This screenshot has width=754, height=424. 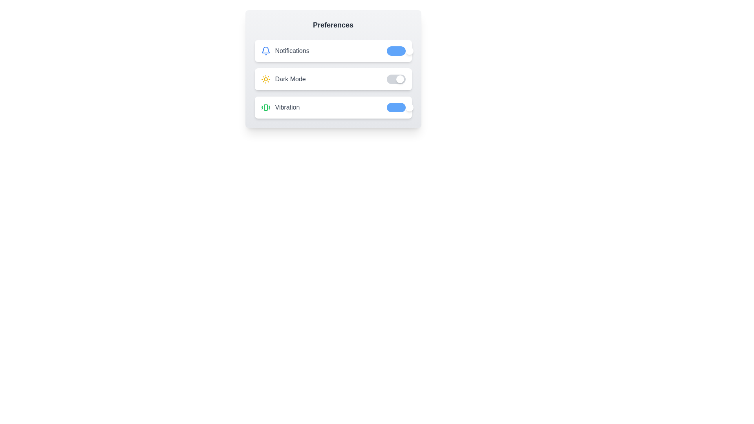 What do you see at coordinates (396, 51) in the screenshot?
I see `the toggle switch with a rounded blue background and a sliding circular white knob located on the far-right side of the 'Notifications' section in the 'Preferences' list` at bounding box center [396, 51].